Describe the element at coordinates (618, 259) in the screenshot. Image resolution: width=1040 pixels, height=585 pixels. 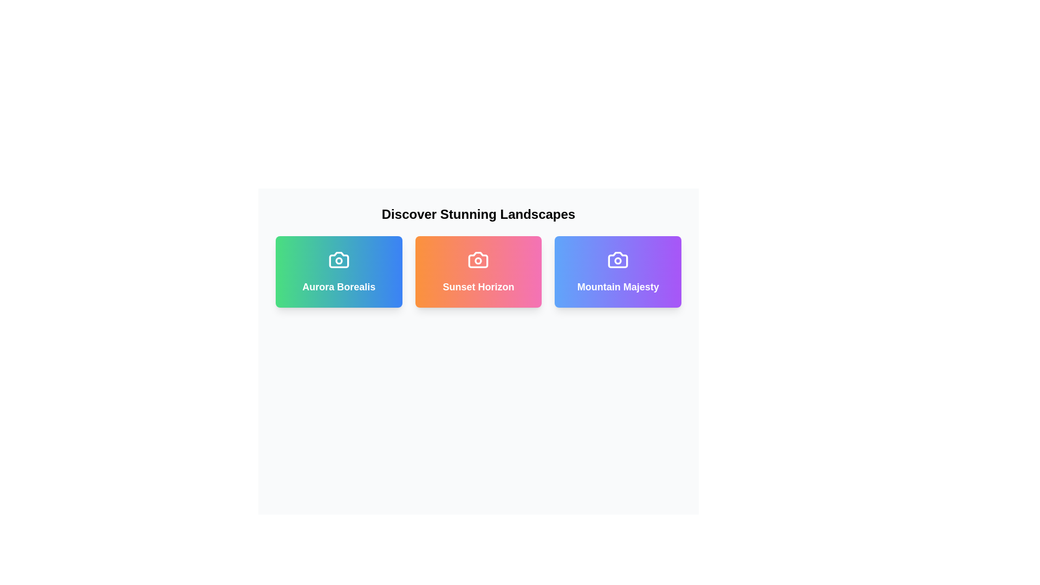
I see `the photography icon located at the top-center of the 'Mountain Majesty' card, positioned above the title text` at that location.